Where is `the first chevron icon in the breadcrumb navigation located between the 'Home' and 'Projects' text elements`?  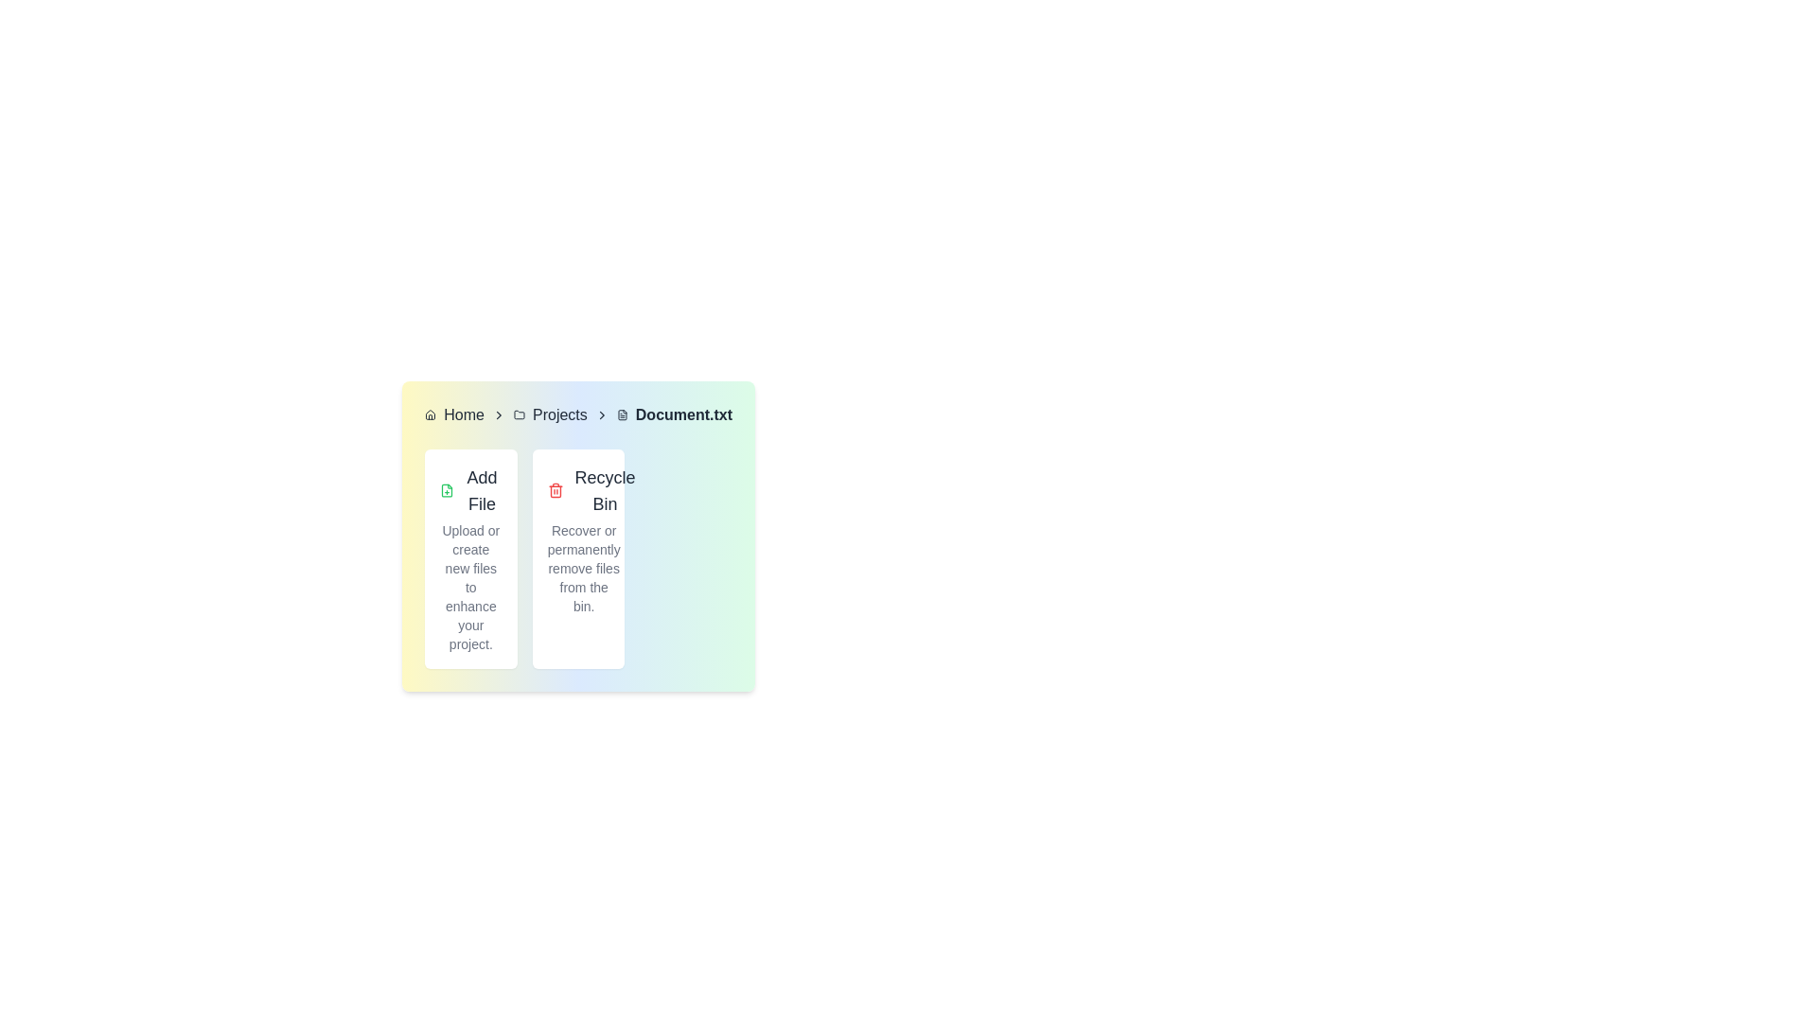 the first chevron icon in the breadcrumb navigation located between the 'Home' and 'Projects' text elements is located at coordinates (499, 414).